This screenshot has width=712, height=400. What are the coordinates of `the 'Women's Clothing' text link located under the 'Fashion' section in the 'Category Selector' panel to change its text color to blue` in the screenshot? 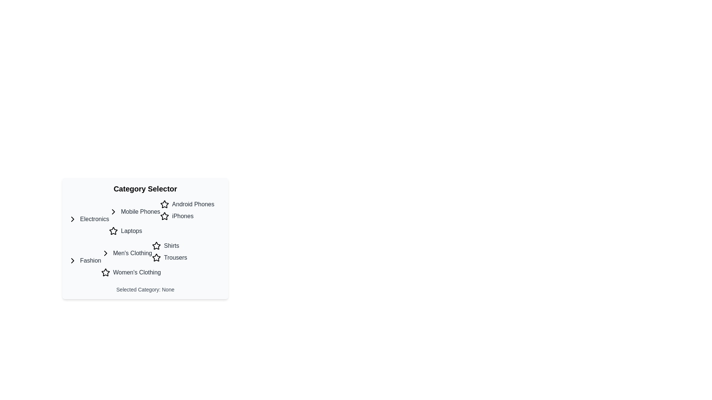 It's located at (137, 273).